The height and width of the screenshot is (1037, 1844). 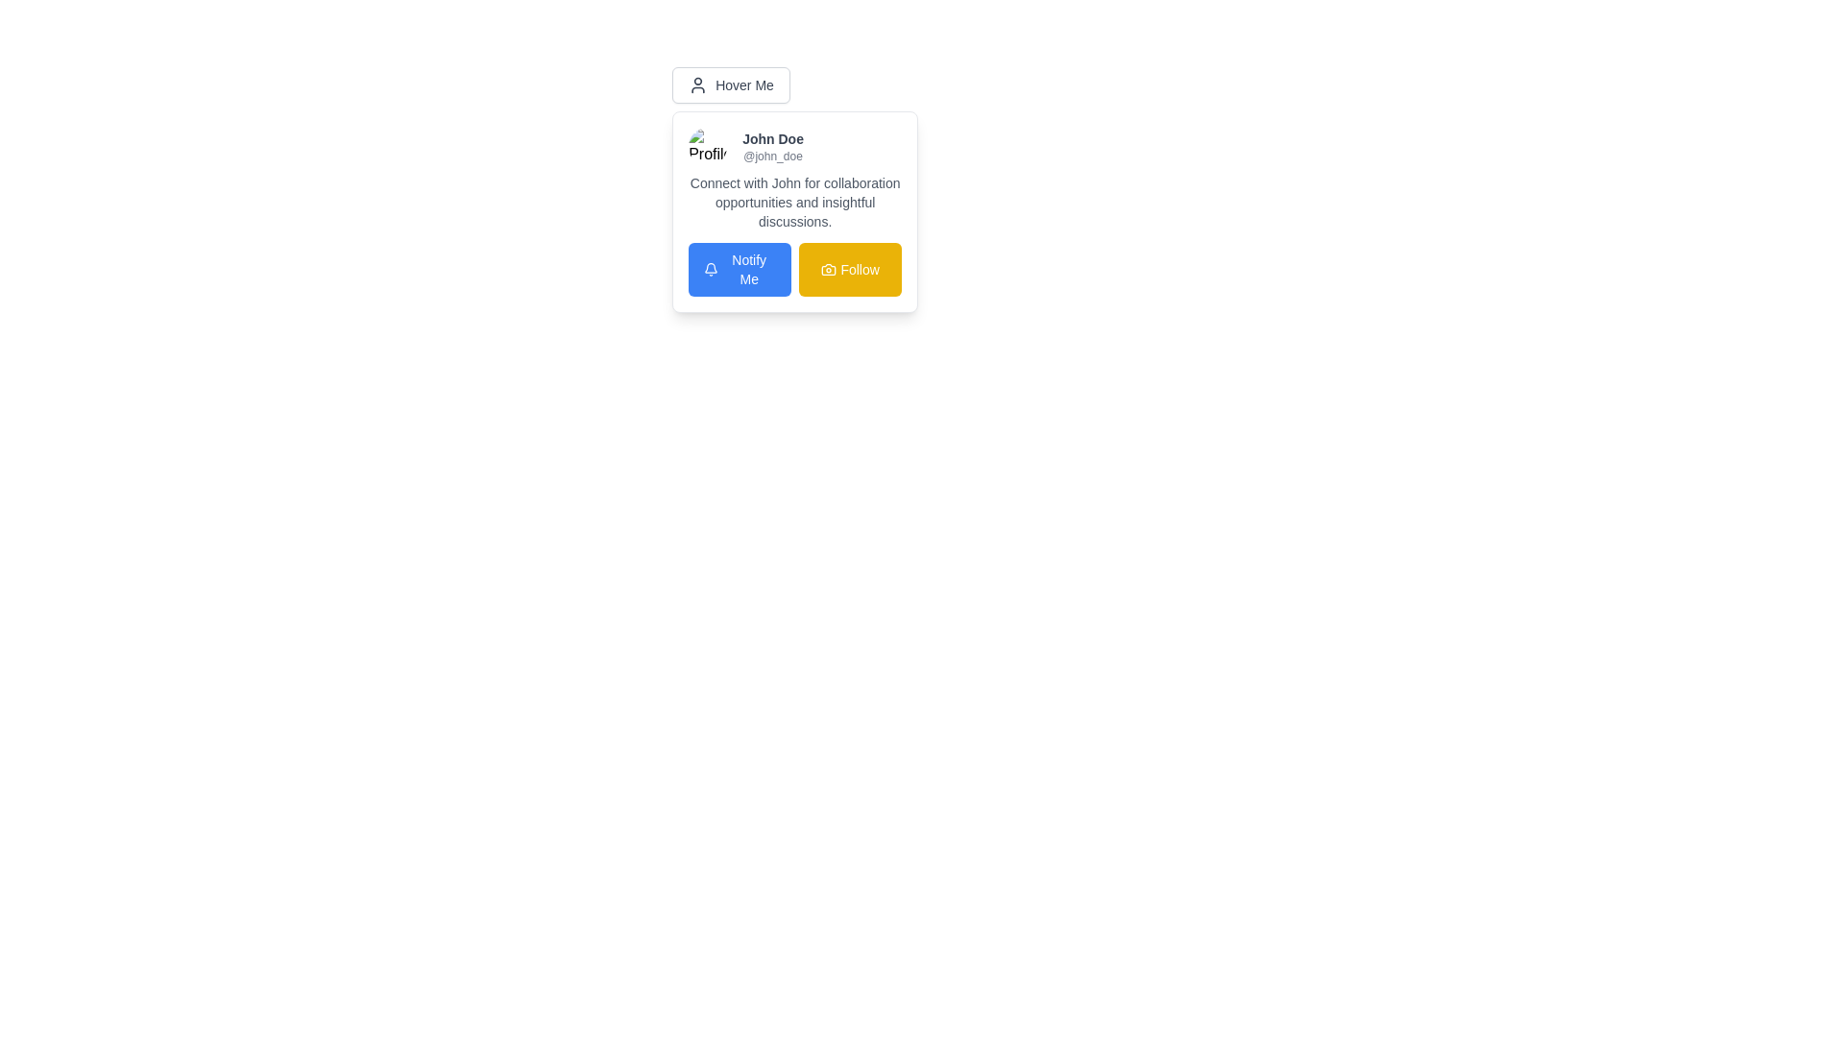 I want to click on the text label displaying 'John Doe', which is located at the top center of the profile card, so click(x=773, y=138).